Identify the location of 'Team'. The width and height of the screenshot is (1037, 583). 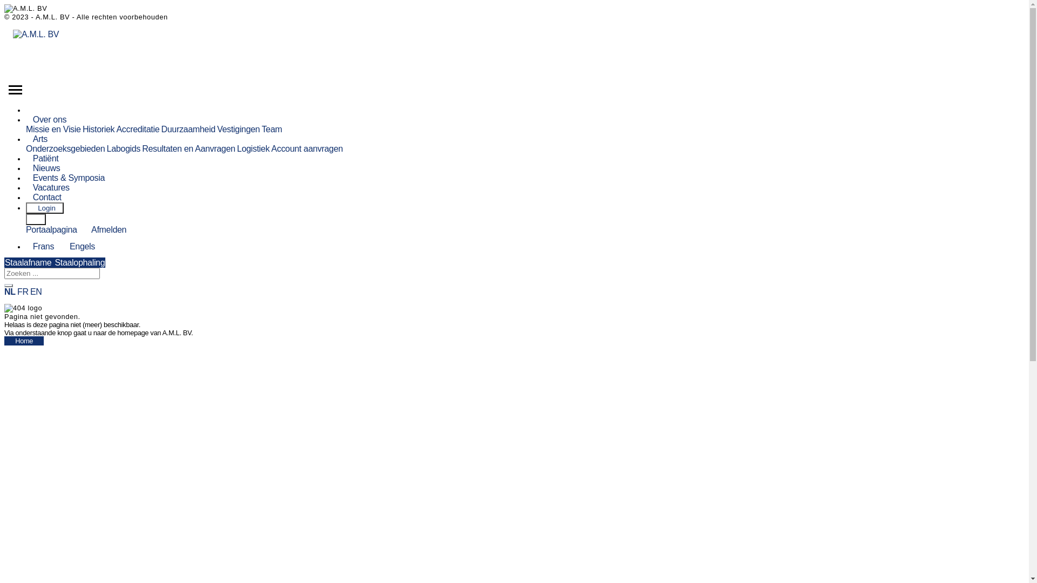
(272, 128).